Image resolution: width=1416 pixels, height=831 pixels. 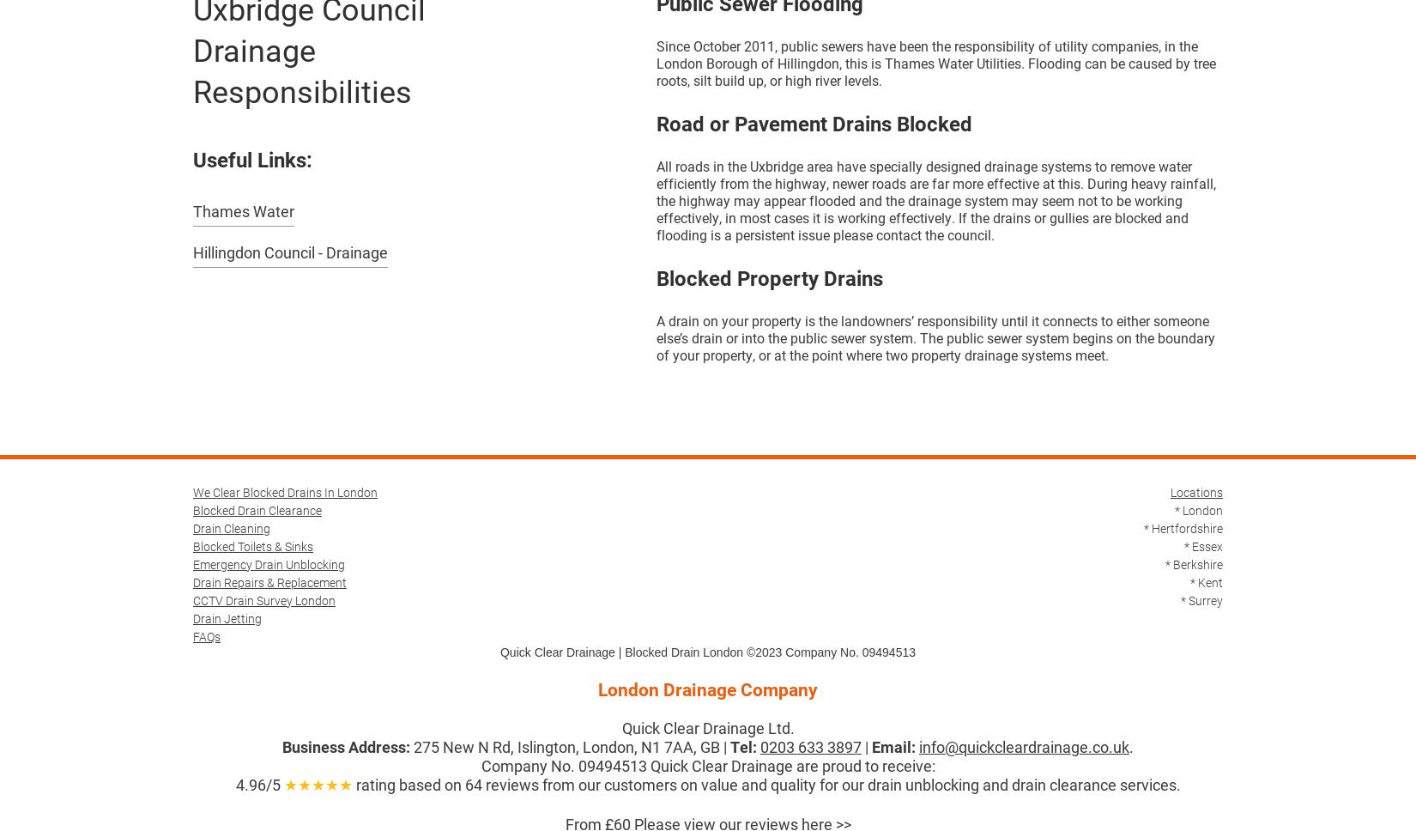 What do you see at coordinates (1183, 526) in the screenshot?
I see `'* Hertfordshire'` at bounding box center [1183, 526].